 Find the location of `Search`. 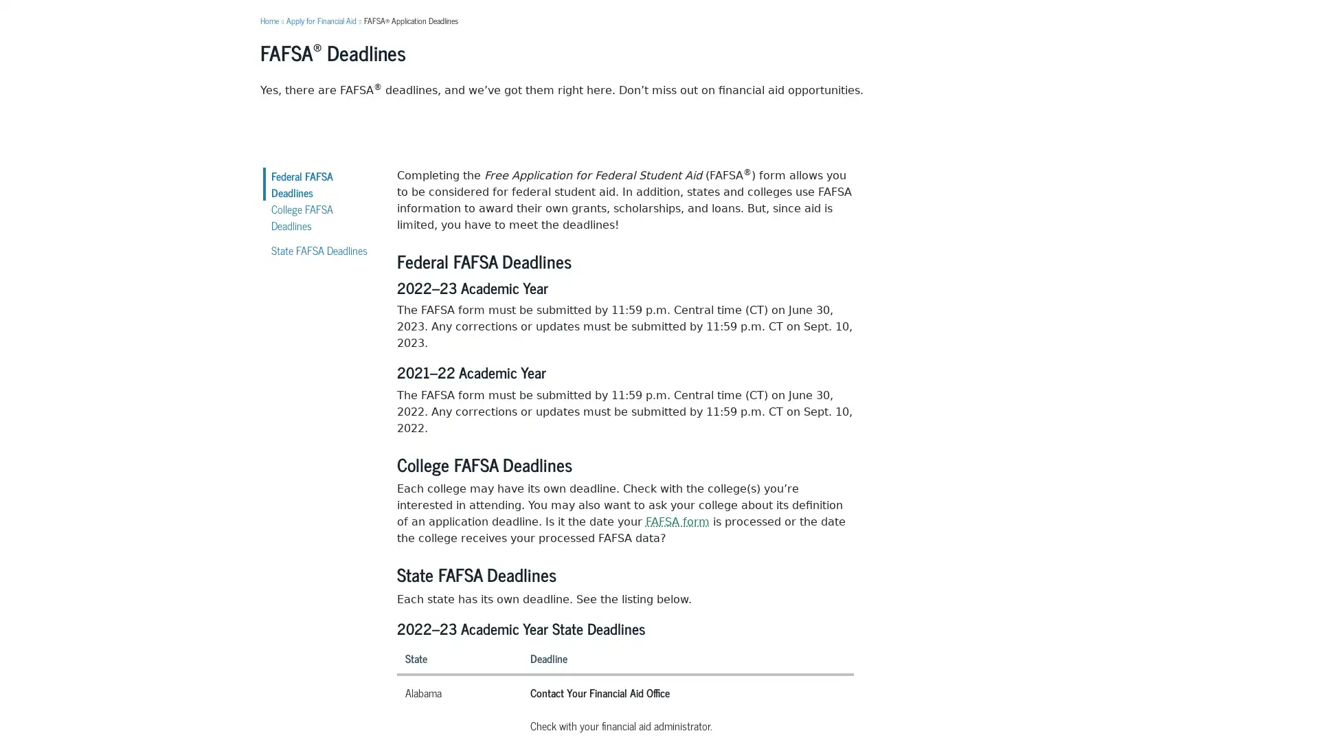

Search is located at coordinates (863, 47).